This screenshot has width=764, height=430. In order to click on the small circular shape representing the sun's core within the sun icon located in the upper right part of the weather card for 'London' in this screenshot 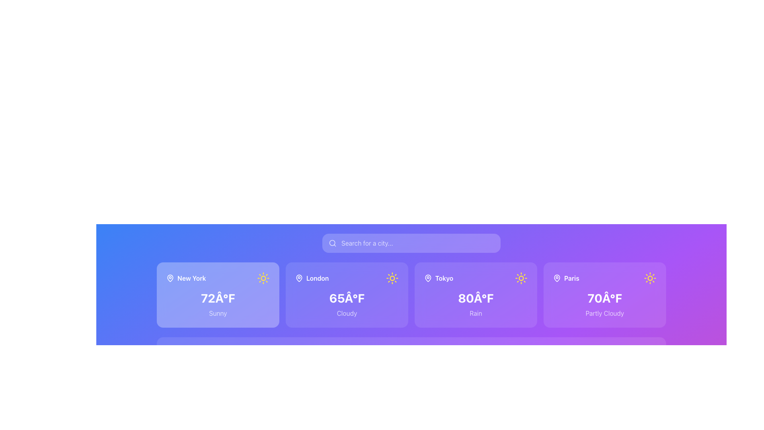, I will do `click(392, 278)`.